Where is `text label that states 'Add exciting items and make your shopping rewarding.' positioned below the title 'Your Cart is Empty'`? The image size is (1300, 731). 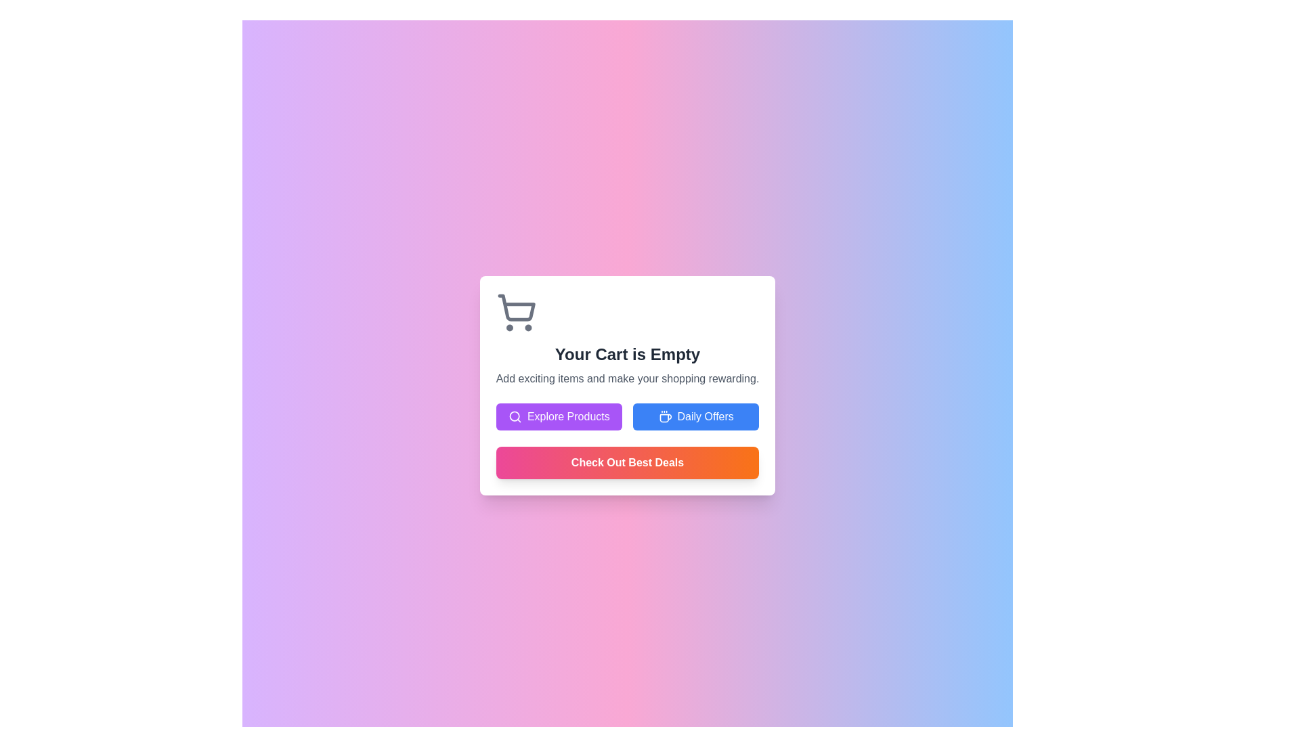 text label that states 'Add exciting items and make your shopping rewarding.' positioned below the title 'Your Cart is Empty' is located at coordinates (626, 378).